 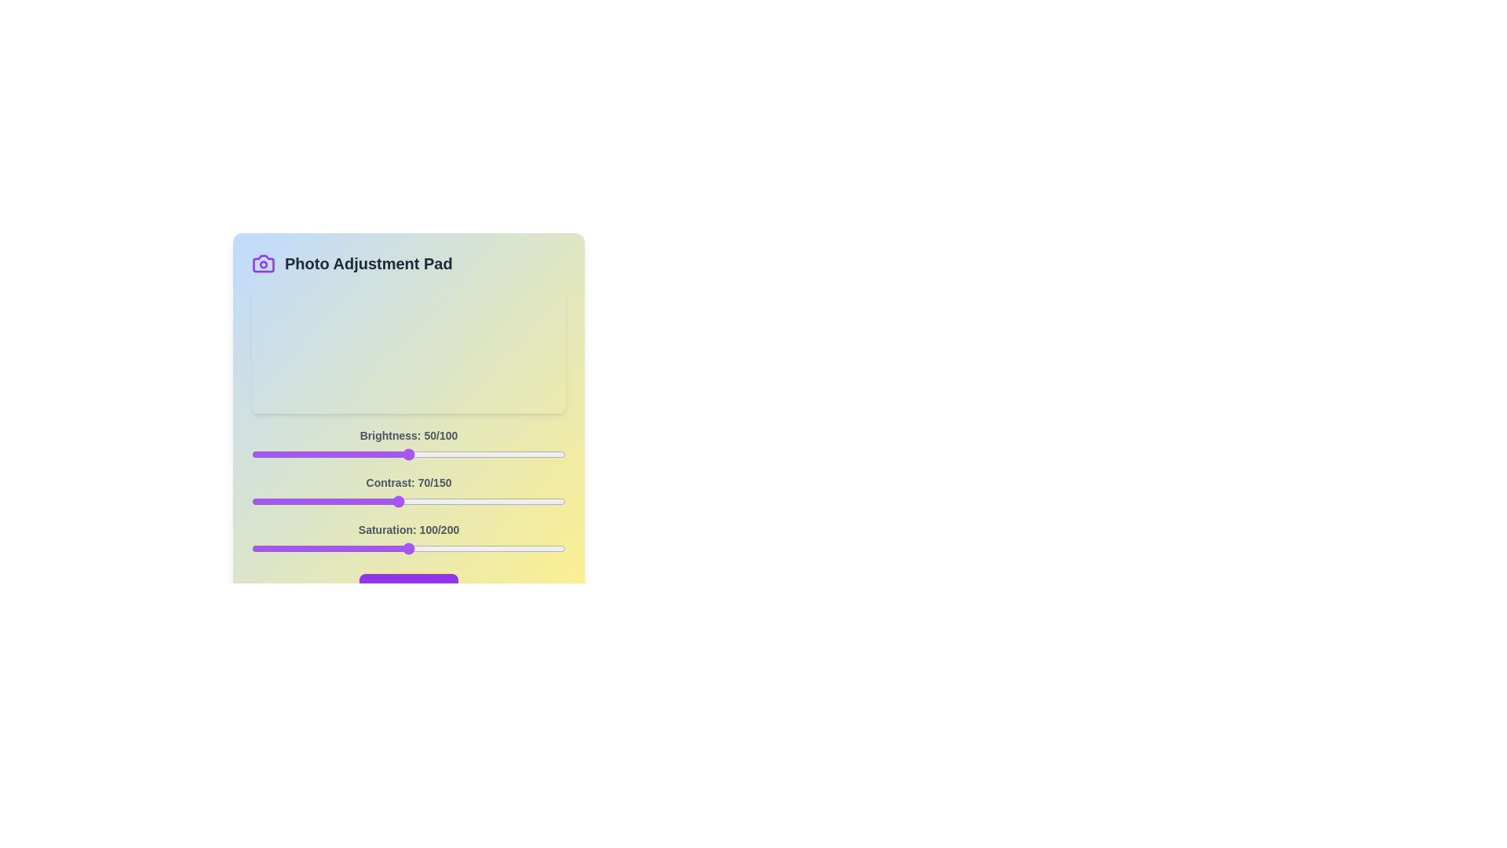 I want to click on the 1 slider to 3, so click(x=258, y=502).